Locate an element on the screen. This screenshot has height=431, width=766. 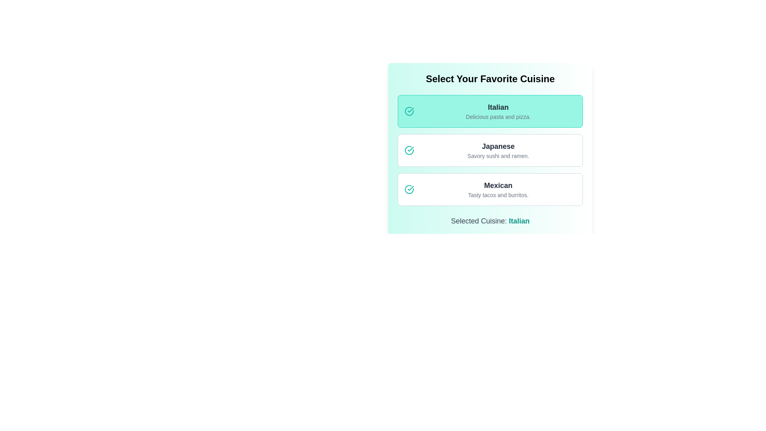
the state of the 'Mexican' selection indicator icon located to the left of the text 'Mexican: Tasty tacos and burritos.' is located at coordinates (409, 189).